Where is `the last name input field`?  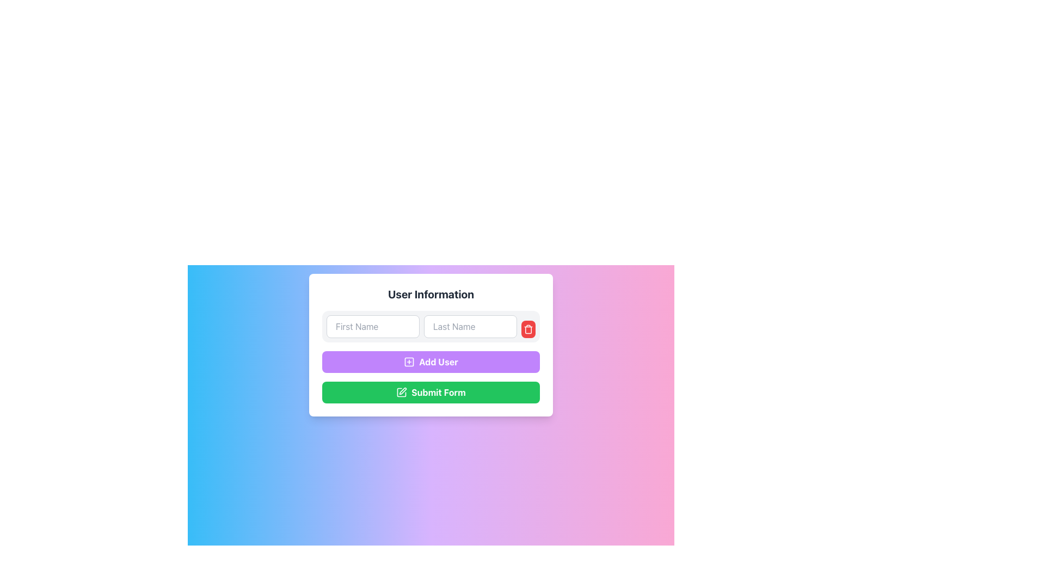 the last name input field is located at coordinates (470, 326).